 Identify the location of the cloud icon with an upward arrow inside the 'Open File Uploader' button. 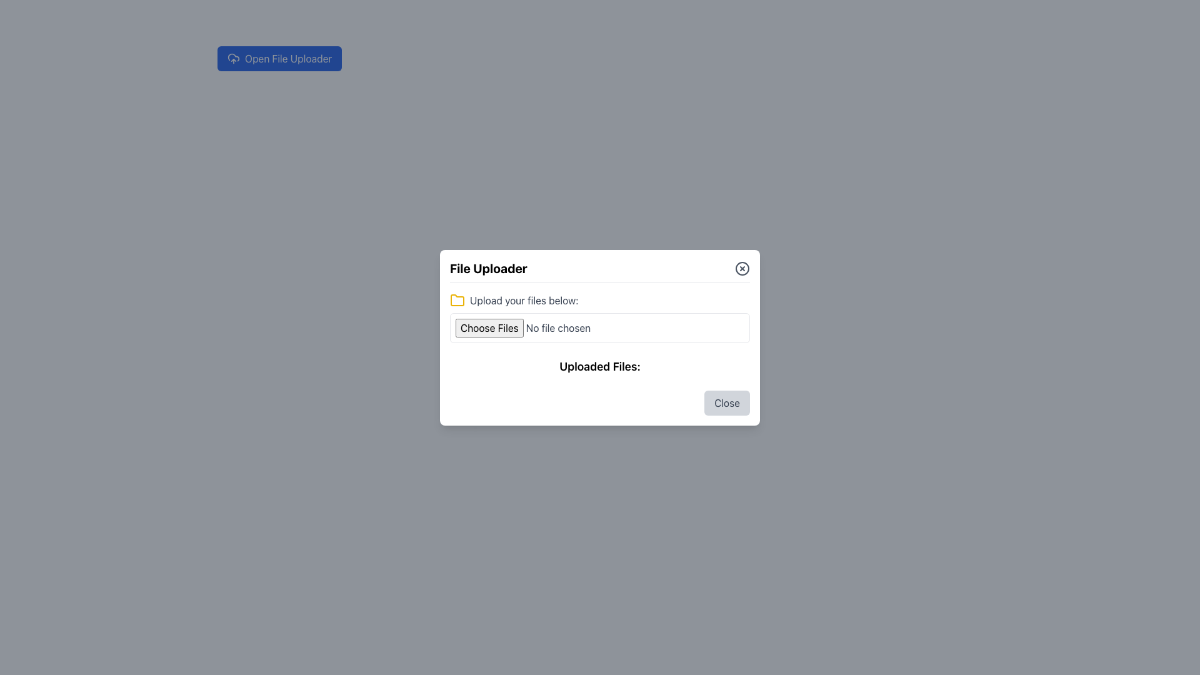
(234, 58).